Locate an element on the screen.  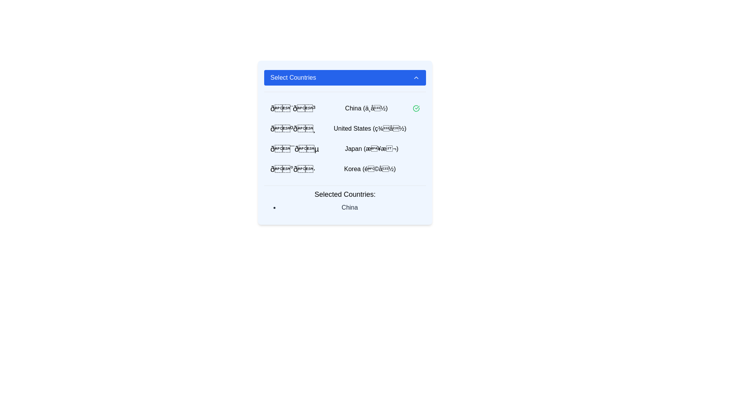
the selection status indicated by the icon located at the right end of the list item labeled 'China (中国)' is located at coordinates (416, 108).